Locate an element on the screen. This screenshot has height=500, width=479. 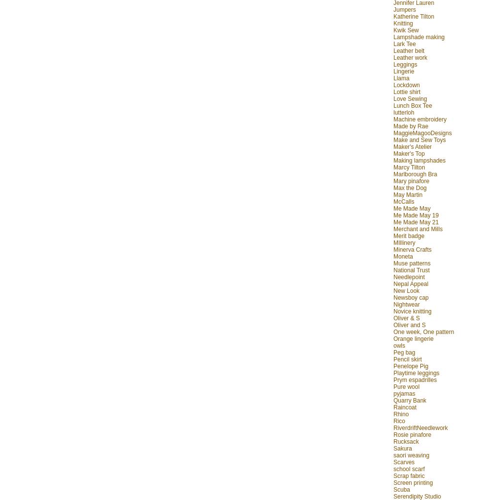
'MaggieMagooDesigns' is located at coordinates (393, 132).